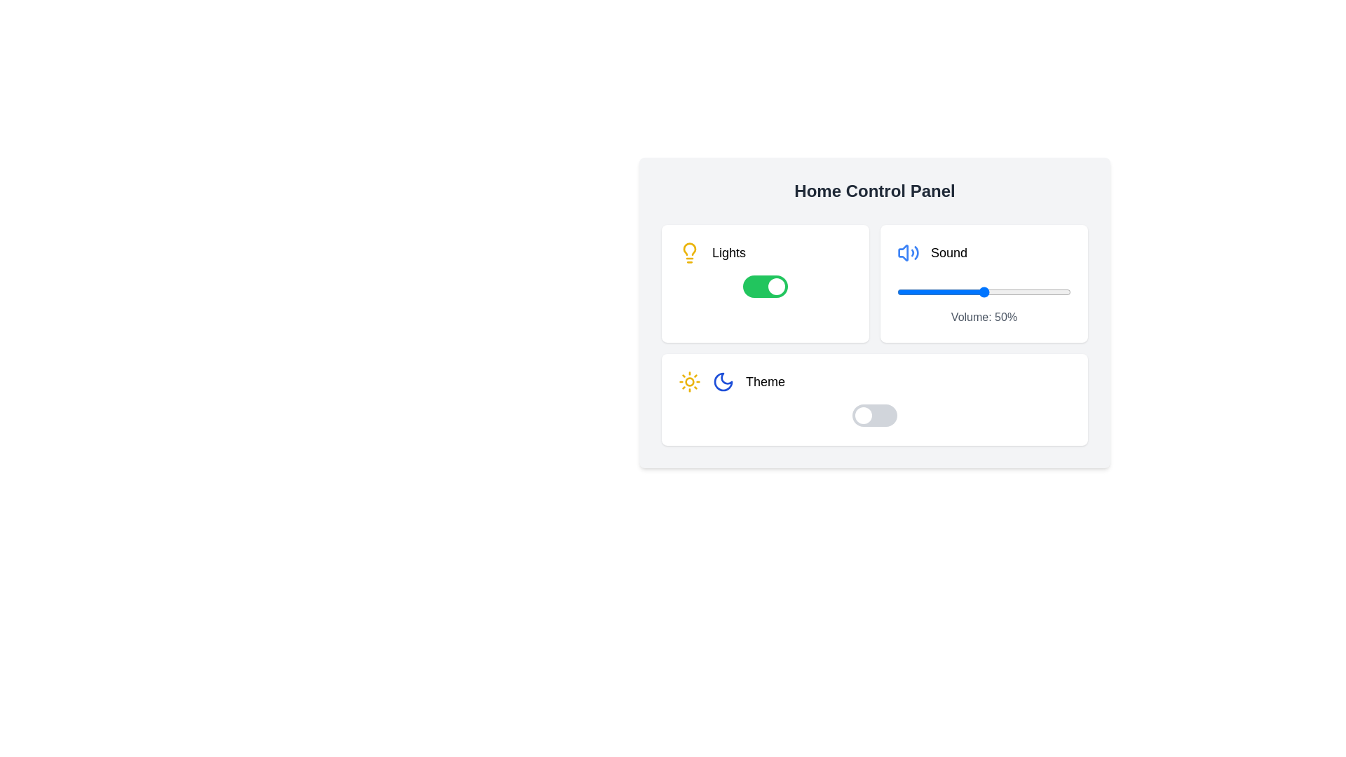 The width and height of the screenshot is (1346, 757). I want to click on the toggle switch thumb located in the 'Lights' section of the 'Home Control Panel' to interact with the lights functionality, so click(776, 285).